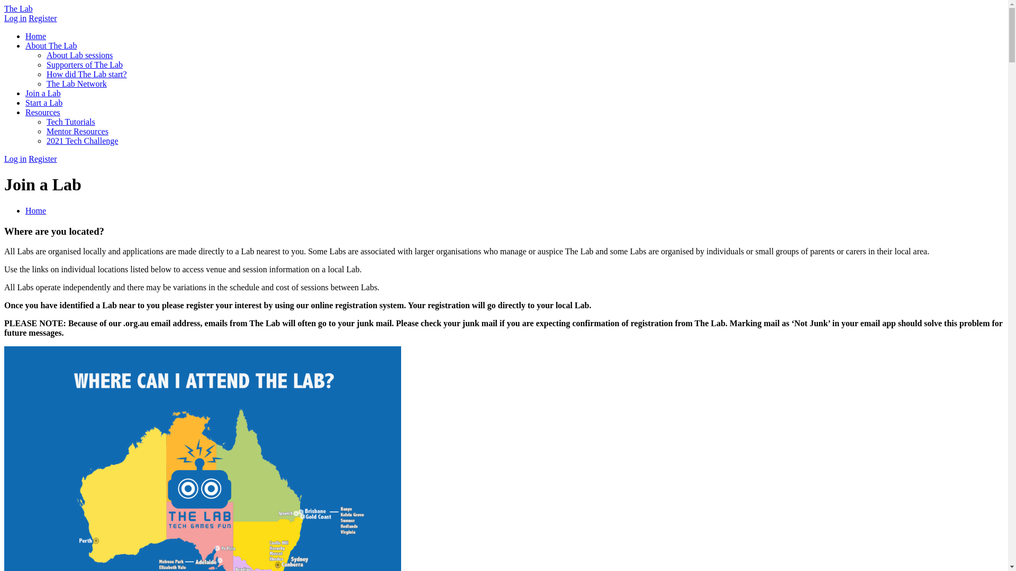  Describe the element at coordinates (50, 45) in the screenshot. I see `'About The Lab'` at that location.